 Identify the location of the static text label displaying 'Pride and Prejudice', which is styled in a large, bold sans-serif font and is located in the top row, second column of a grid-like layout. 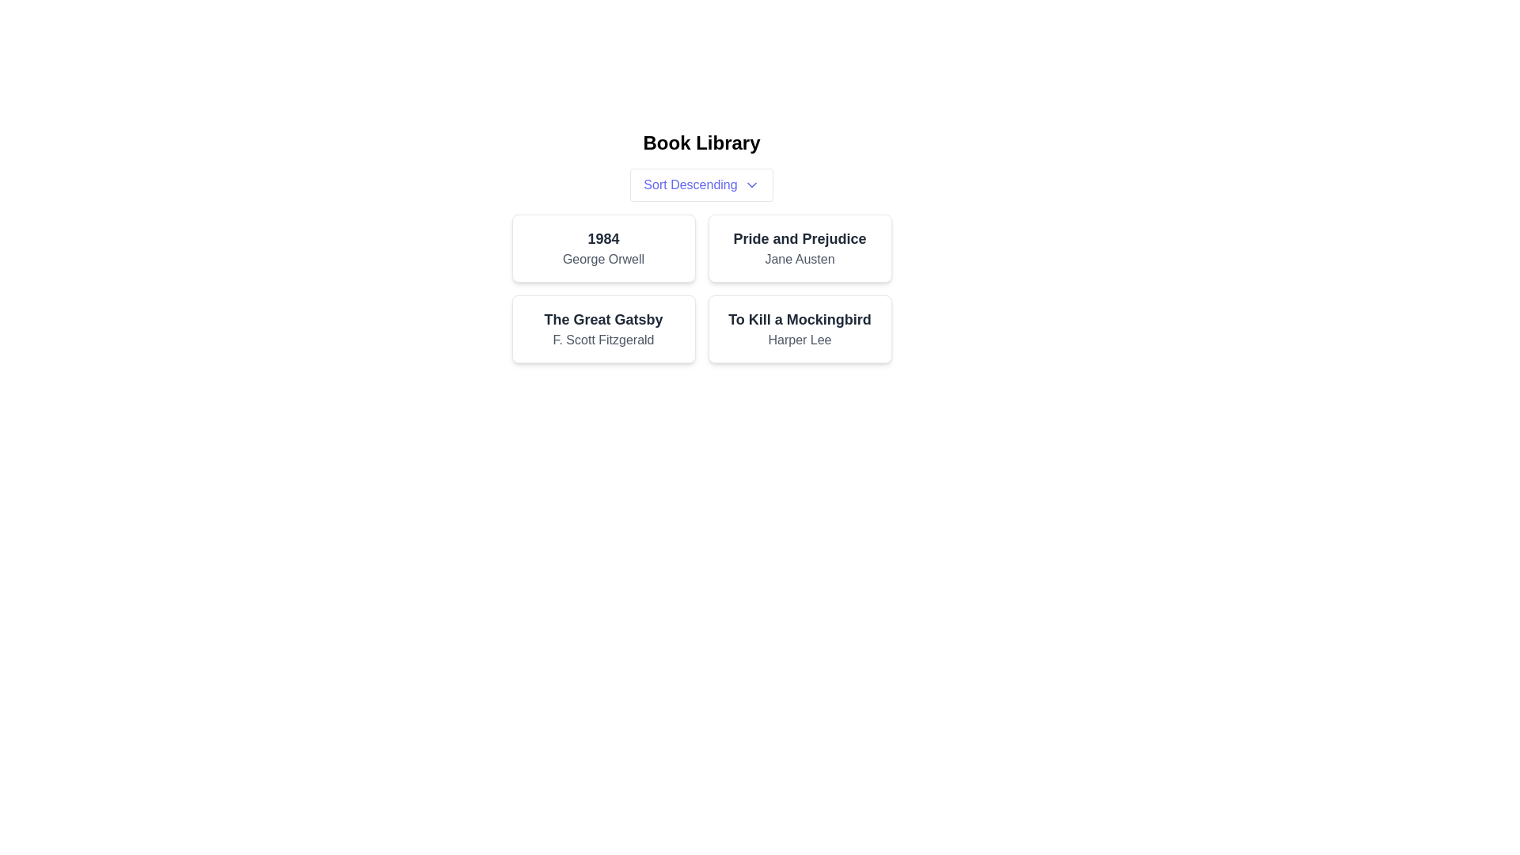
(800, 238).